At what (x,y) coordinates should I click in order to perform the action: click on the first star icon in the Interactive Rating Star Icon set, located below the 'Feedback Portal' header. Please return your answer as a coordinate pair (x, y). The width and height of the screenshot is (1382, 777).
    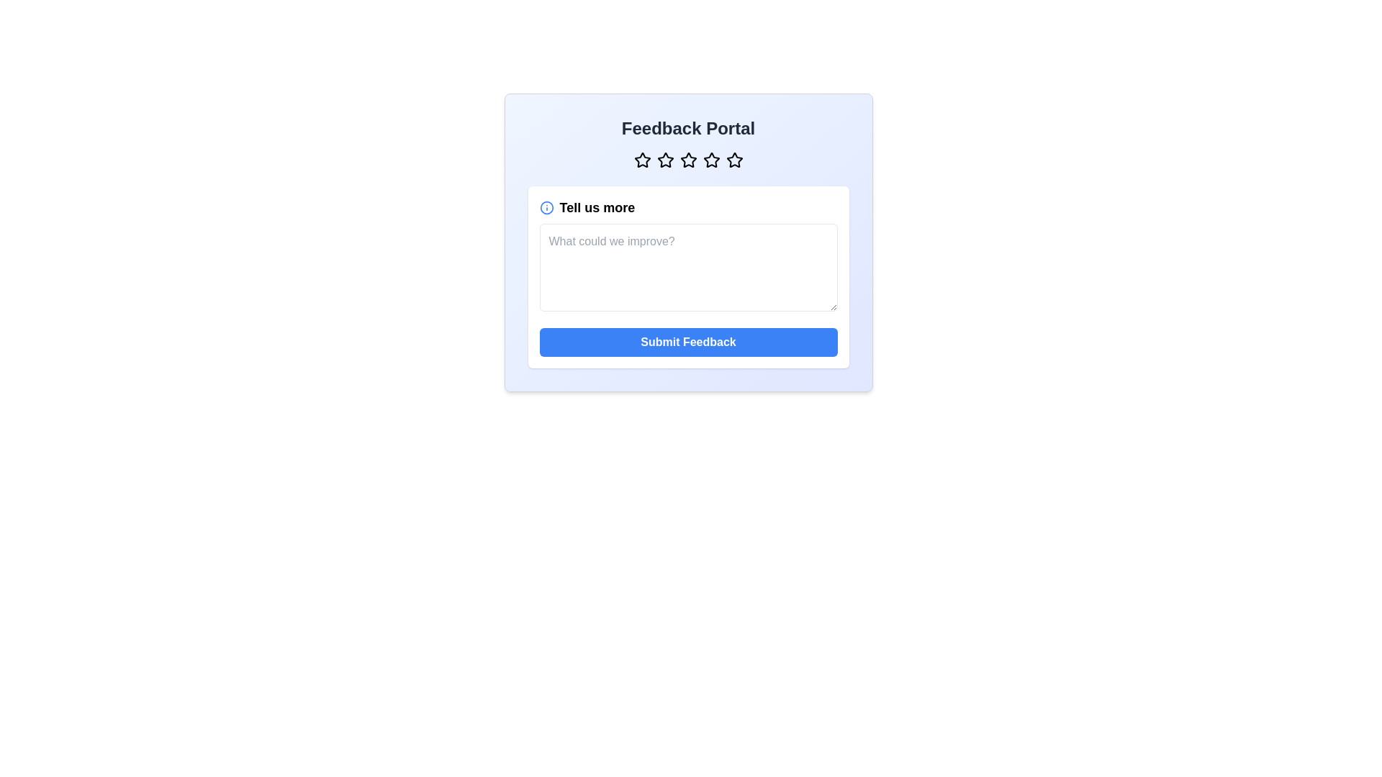
    Looking at the image, I should click on (641, 160).